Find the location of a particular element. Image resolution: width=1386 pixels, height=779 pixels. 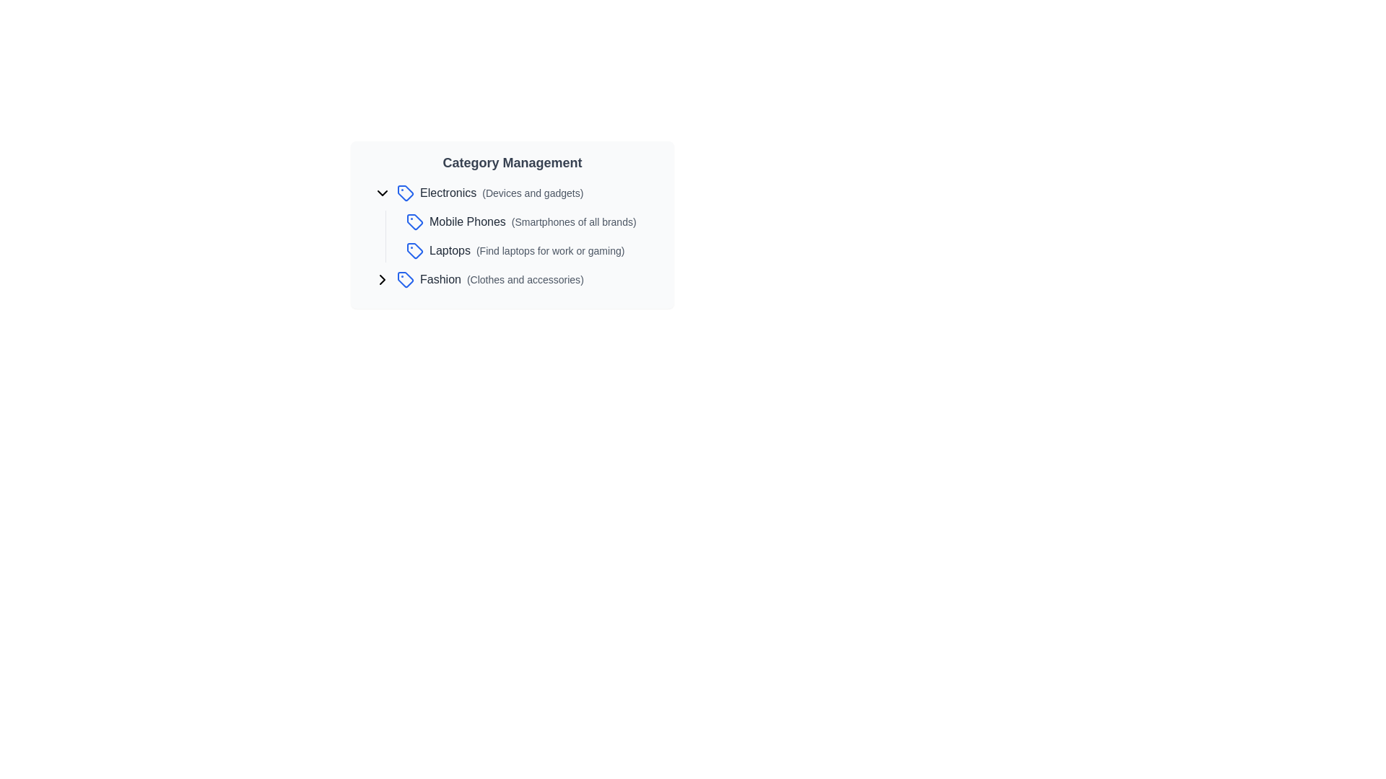

the Icon Button located at the leftmost side of the row containing the text 'Electronics (Devices and gadgets)' in the 'Category Management' section is located at coordinates (382, 192).